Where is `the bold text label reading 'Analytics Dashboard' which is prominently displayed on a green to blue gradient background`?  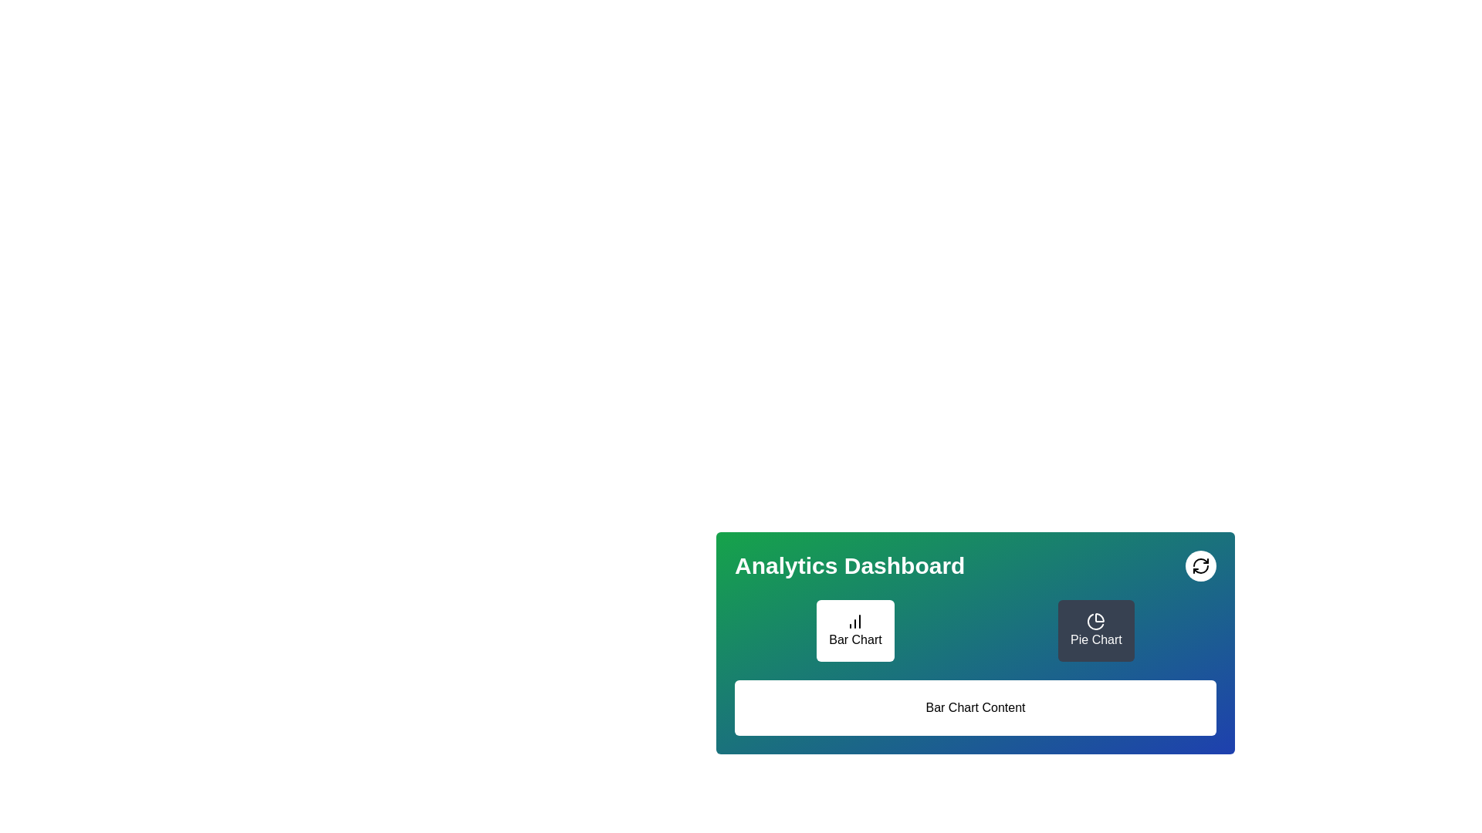
the bold text label reading 'Analytics Dashboard' which is prominently displayed on a green to blue gradient background is located at coordinates (849, 565).